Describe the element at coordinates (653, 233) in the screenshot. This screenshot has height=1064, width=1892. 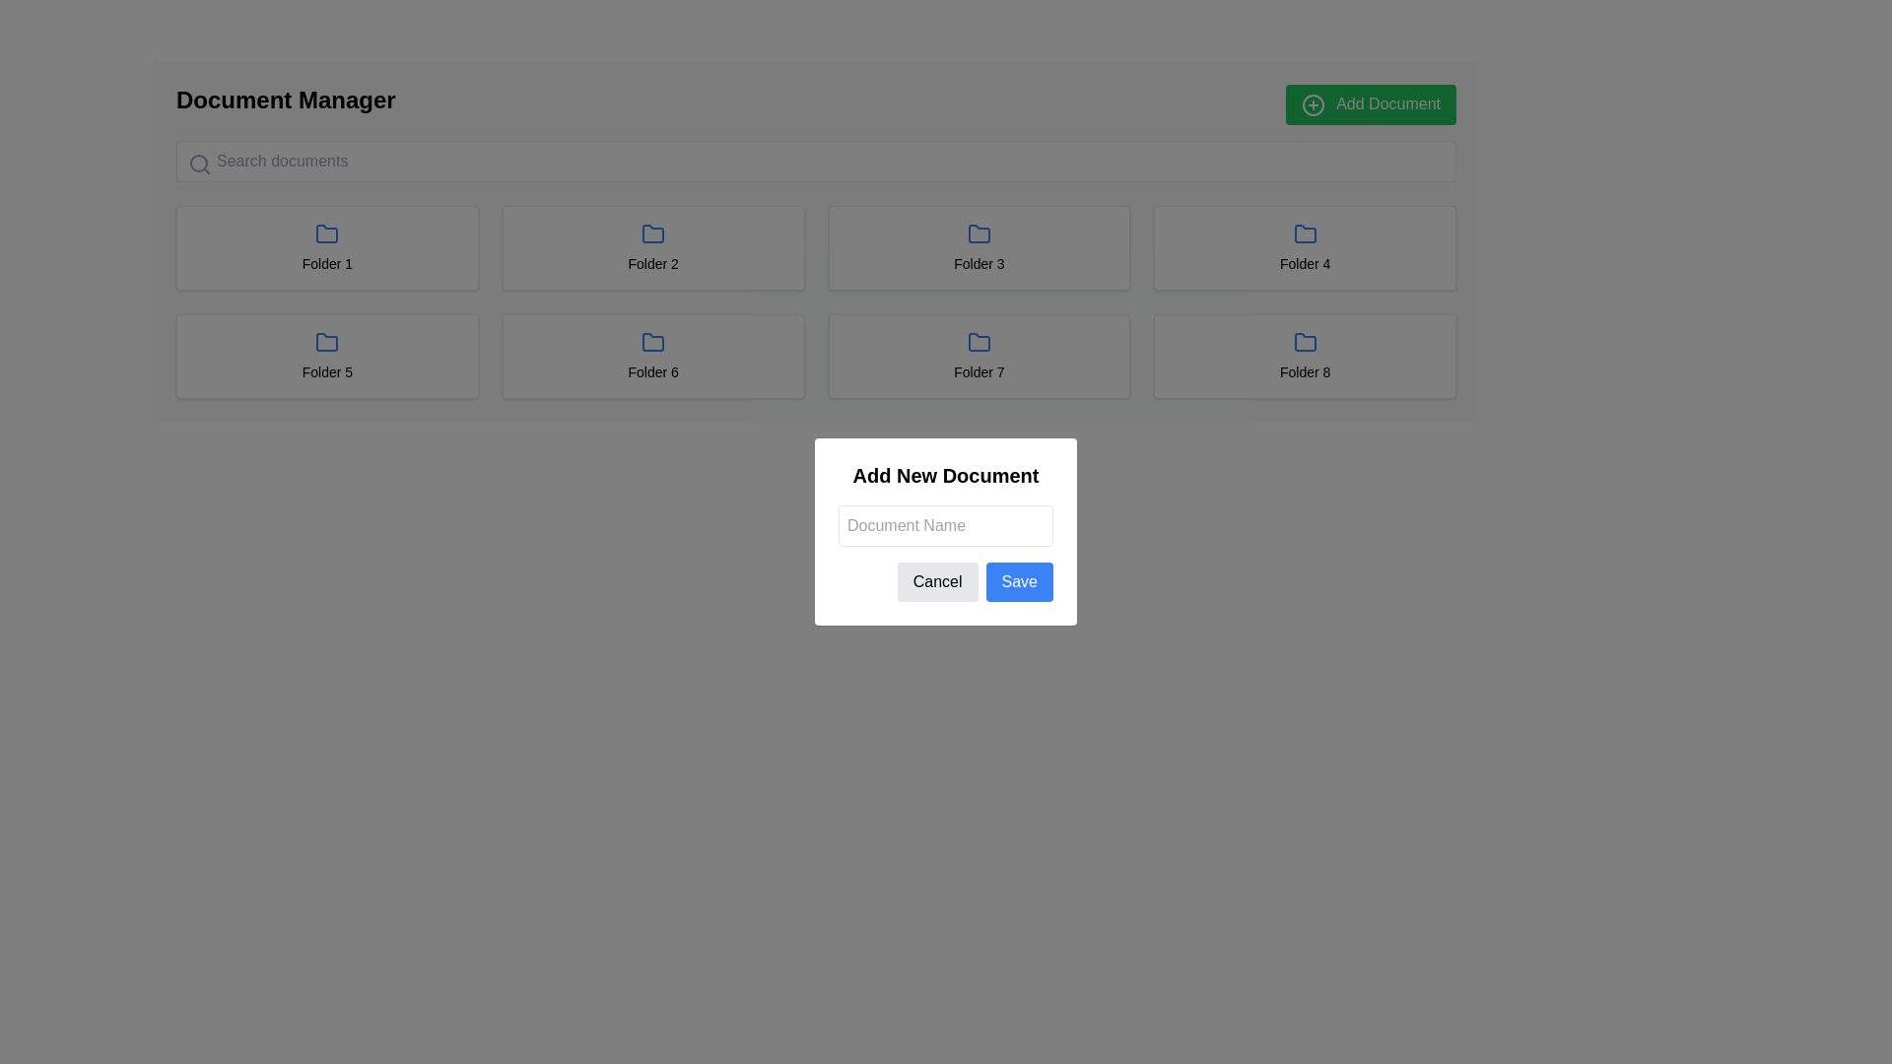
I see `the second folder icon in the grid layout, which is shaped like a folder with a blue outline` at that location.